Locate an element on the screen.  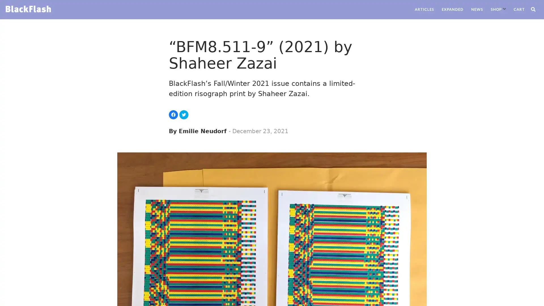
open menu is located at coordinates (504, 9).